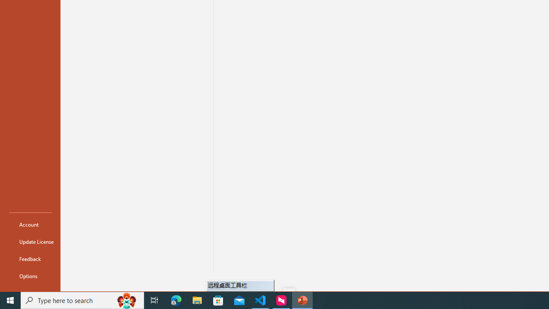  Describe the element at coordinates (30, 242) in the screenshot. I see `'Update License'` at that location.